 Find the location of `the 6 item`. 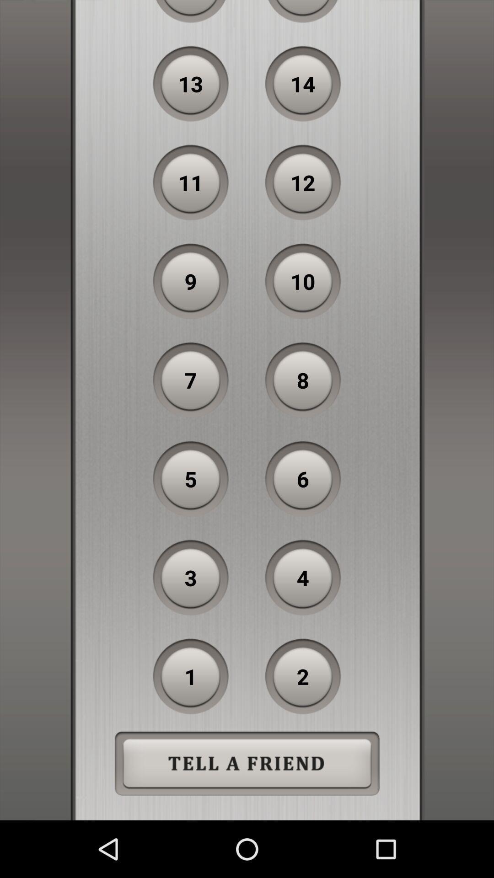

the 6 item is located at coordinates (303, 478).